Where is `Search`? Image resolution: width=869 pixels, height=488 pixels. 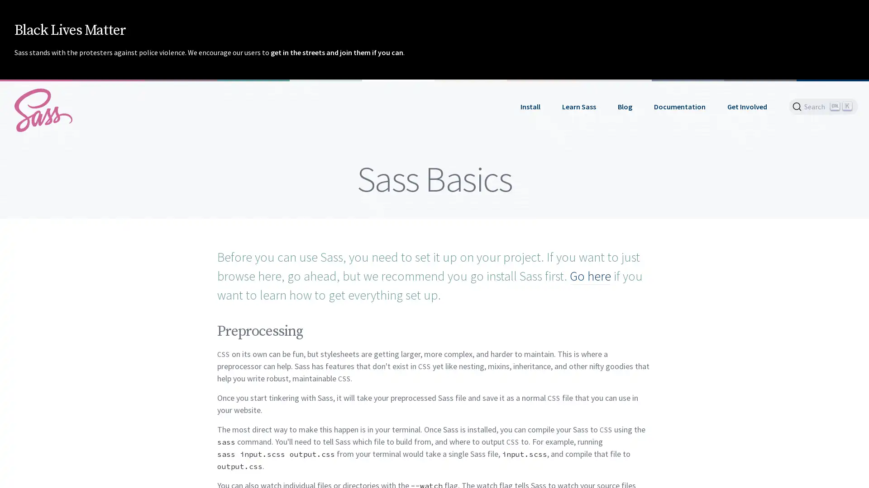
Search is located at coordinates (823, 106).